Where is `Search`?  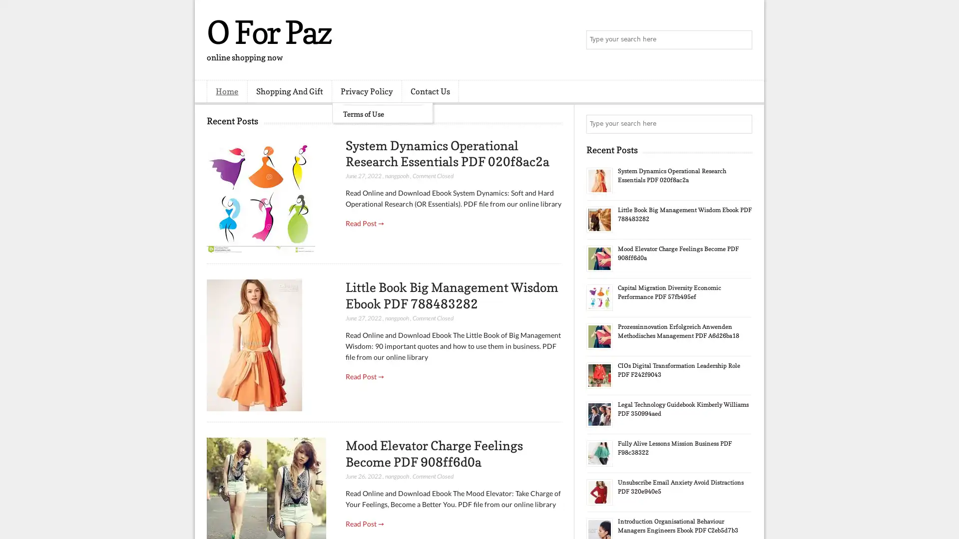
Search is located at coordinates (742, 124).